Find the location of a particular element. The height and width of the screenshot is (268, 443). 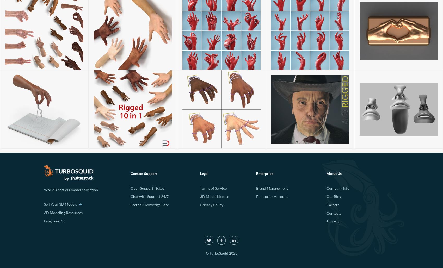

'Sell Your 3D Models' is located at coordinates (43, 204).